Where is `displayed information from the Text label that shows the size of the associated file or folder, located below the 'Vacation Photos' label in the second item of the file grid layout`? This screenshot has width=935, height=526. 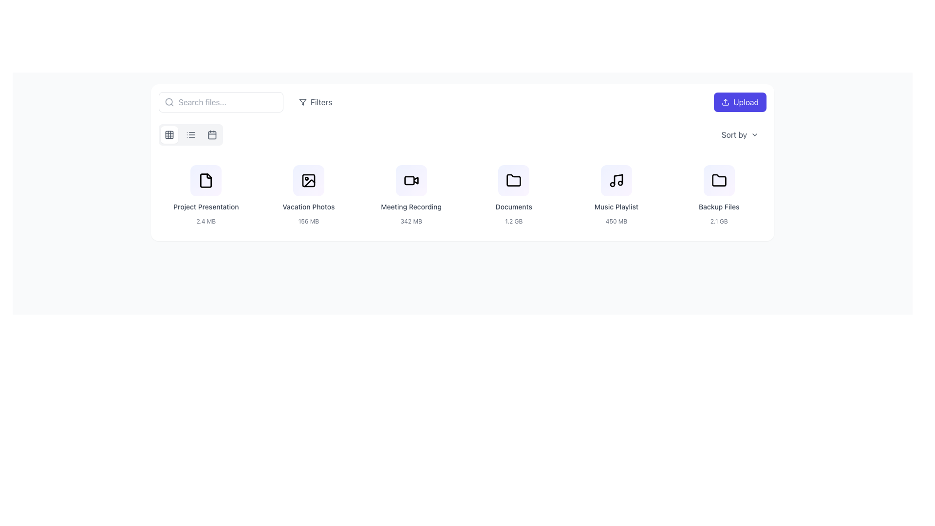 displayed information from the Text label that shows the size of the associated file or folder, located below the 'Vacation Photos' label in the second item of the file grid layout is located at coordinates (308, 222).